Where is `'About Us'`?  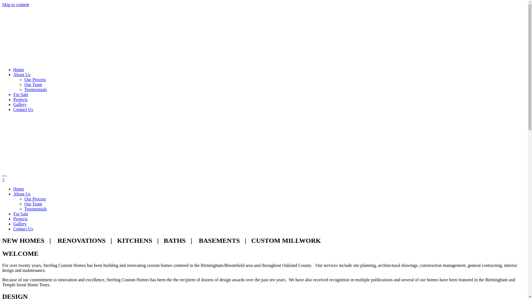 'About Us' is located at coordinates (22, 194).